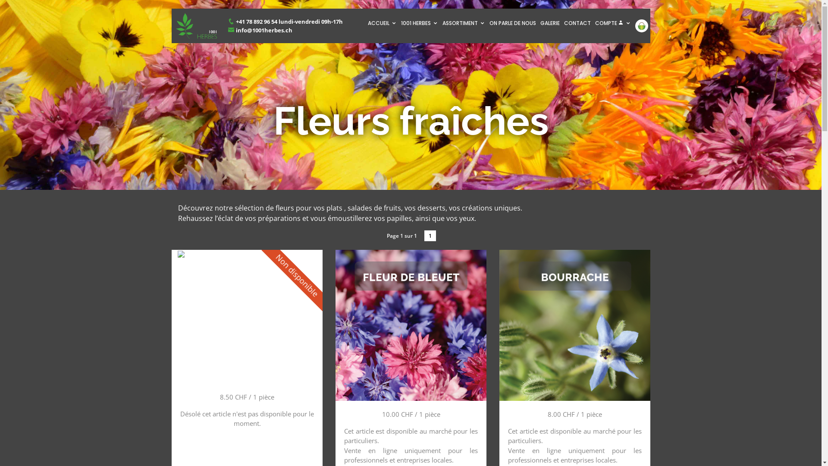 This screenshot has width=828, height=466. Describe the element at coordinates (577, 23) in the screenshot. I see `'CONTACT'` at that location.